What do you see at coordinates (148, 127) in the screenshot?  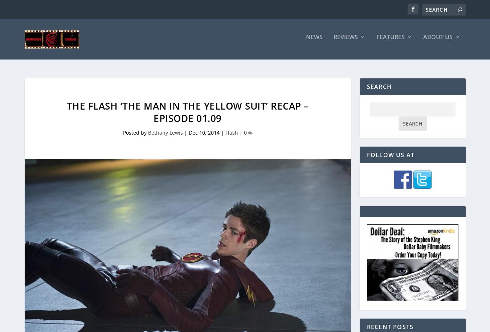 I see `'Bethany Lewis'` at bounding box center [148, 127].